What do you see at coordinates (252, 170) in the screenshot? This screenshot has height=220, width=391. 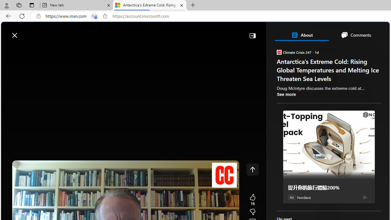 I see `'Class: control icon-only'` at bounding box center [252, 170].